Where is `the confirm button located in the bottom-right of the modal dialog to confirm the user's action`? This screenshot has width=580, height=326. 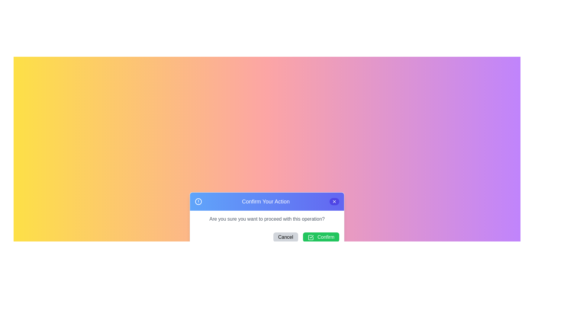
the confirm button located in the bottom-right of the modal dialog to confirm the user's action is located at coordinates (321, 237).